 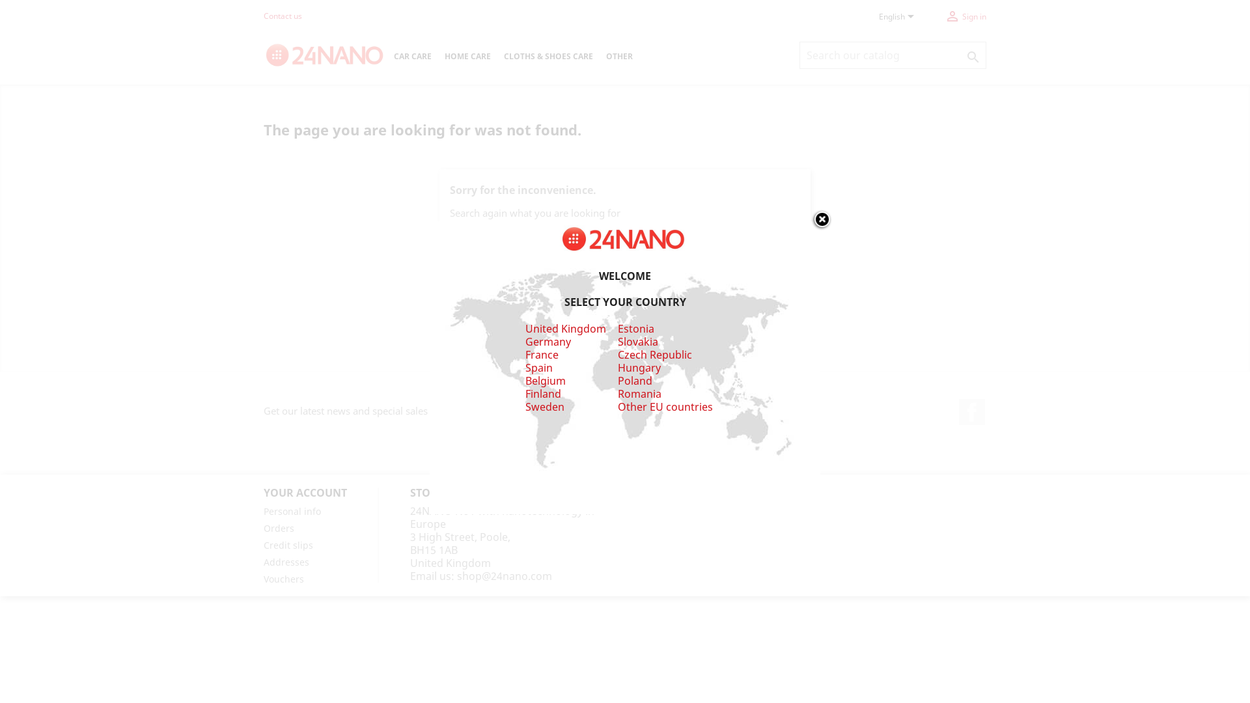 I want to click on 'Contact us', so click(x=282, y=16).